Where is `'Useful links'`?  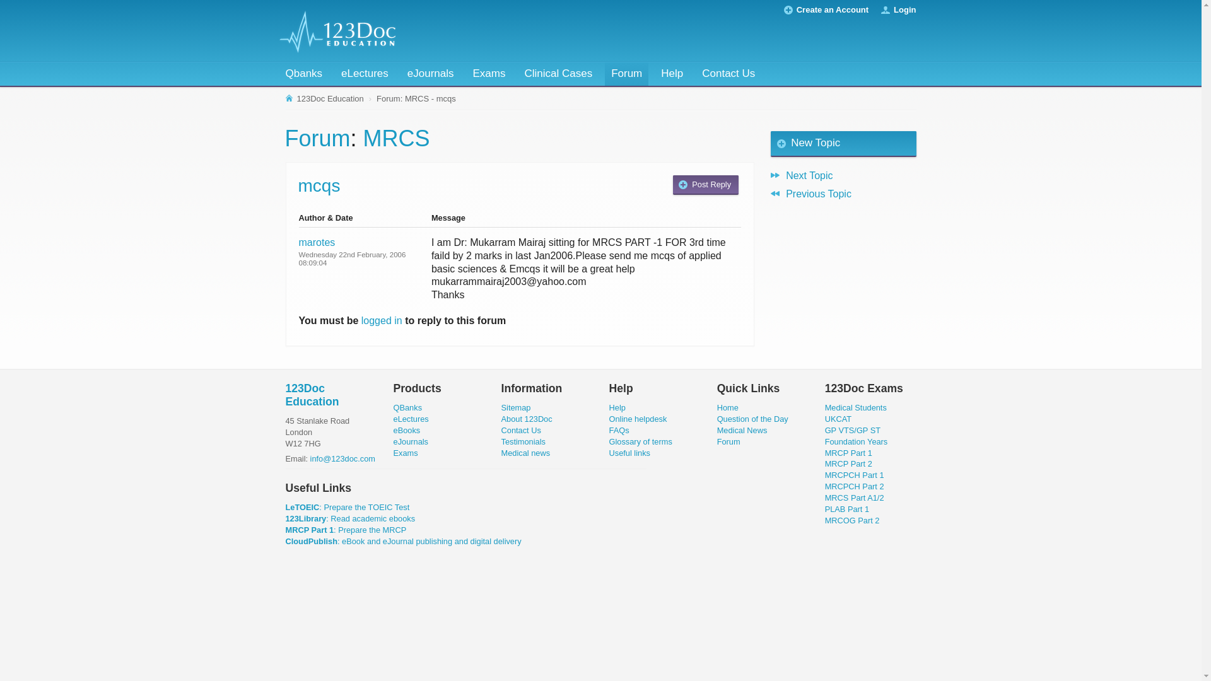 'Useful links' is located at coordinates (629, 452).